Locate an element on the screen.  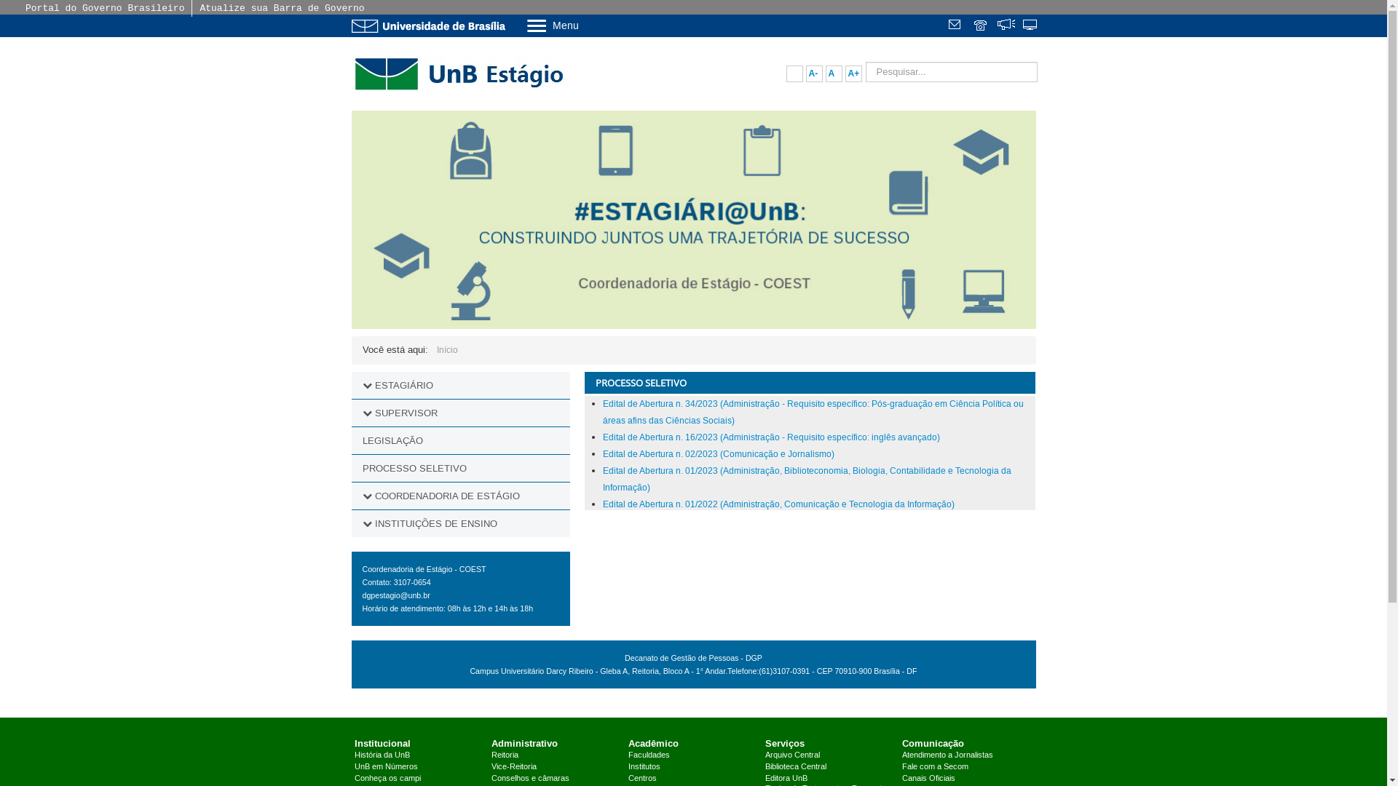
'Fala.BR' is located at coordinates (996, 26).